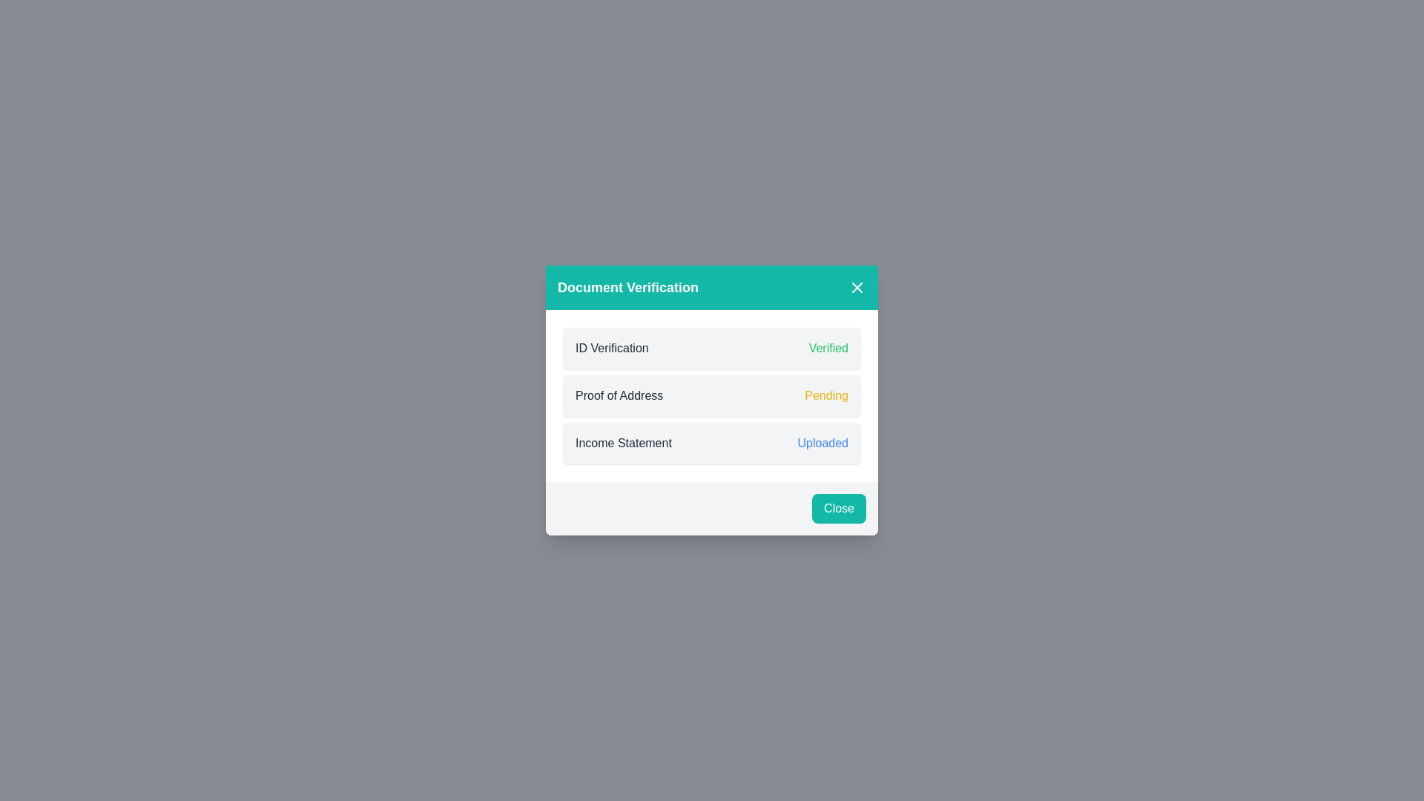  I want to click on the 'Proof of Address' status display row in the 'Document Verification' modal, which shows the status as 'Pending' in yellow, so click(712, 395).